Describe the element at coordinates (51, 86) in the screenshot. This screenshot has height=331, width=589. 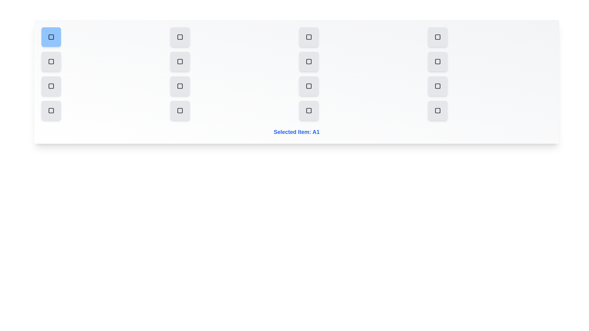
I see `the grid item C1 to select it` at that location.